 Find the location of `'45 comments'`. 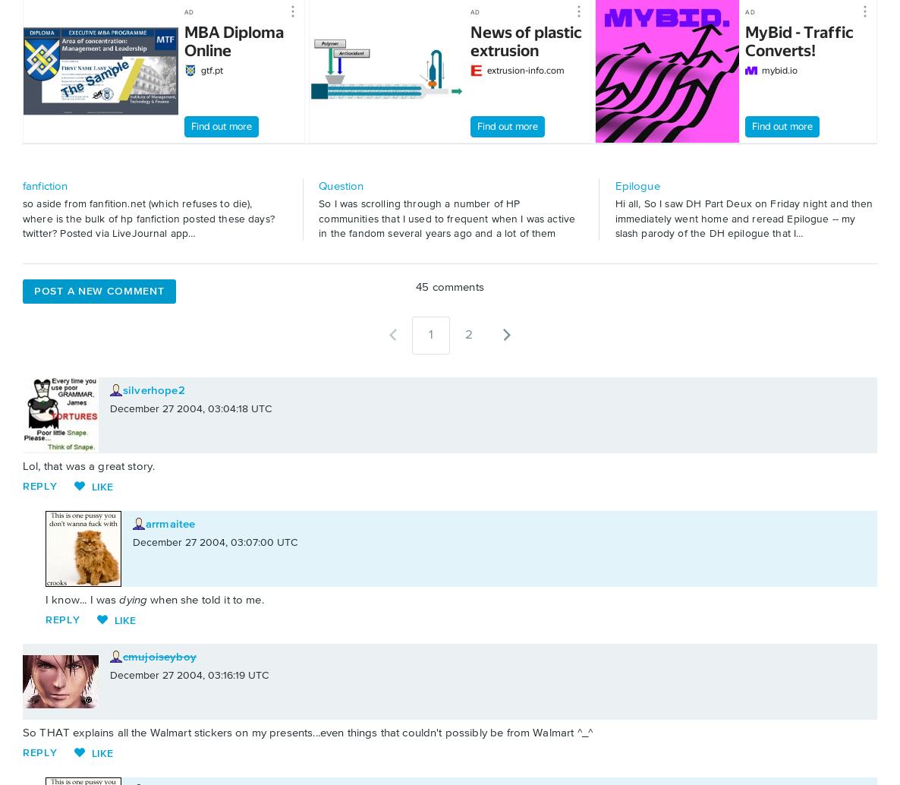

'45 comments' is located at coordinates (449, 285).